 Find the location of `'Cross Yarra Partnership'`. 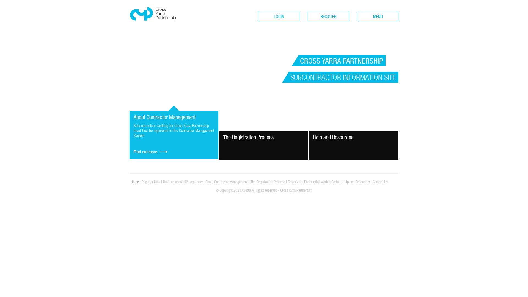

'Cross Yarra Partnership' is located at coordinates (129, 24).